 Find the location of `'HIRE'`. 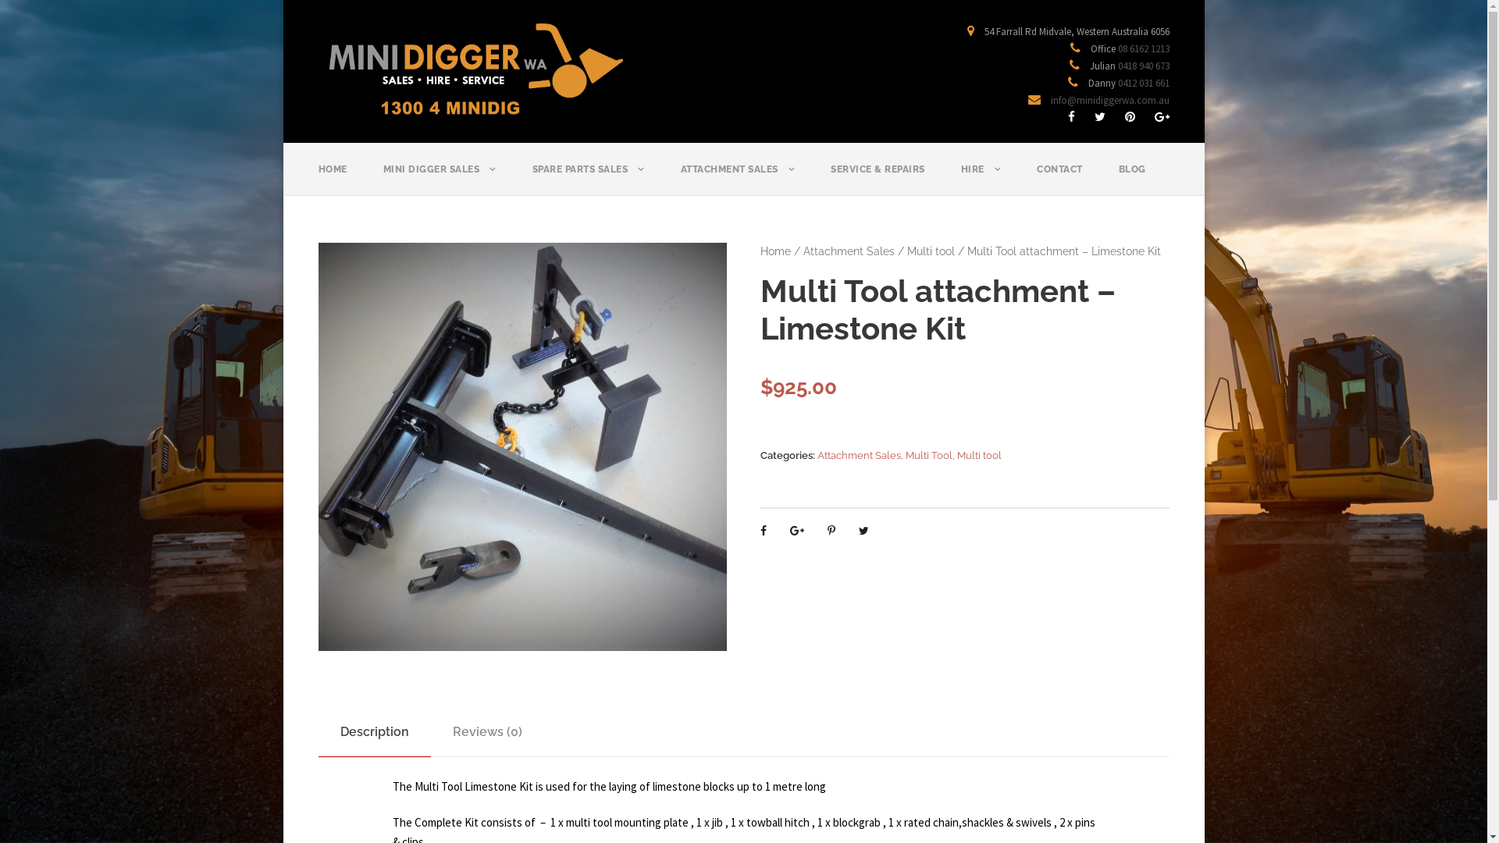

'HIRE' is located at coordinates (959, 177).